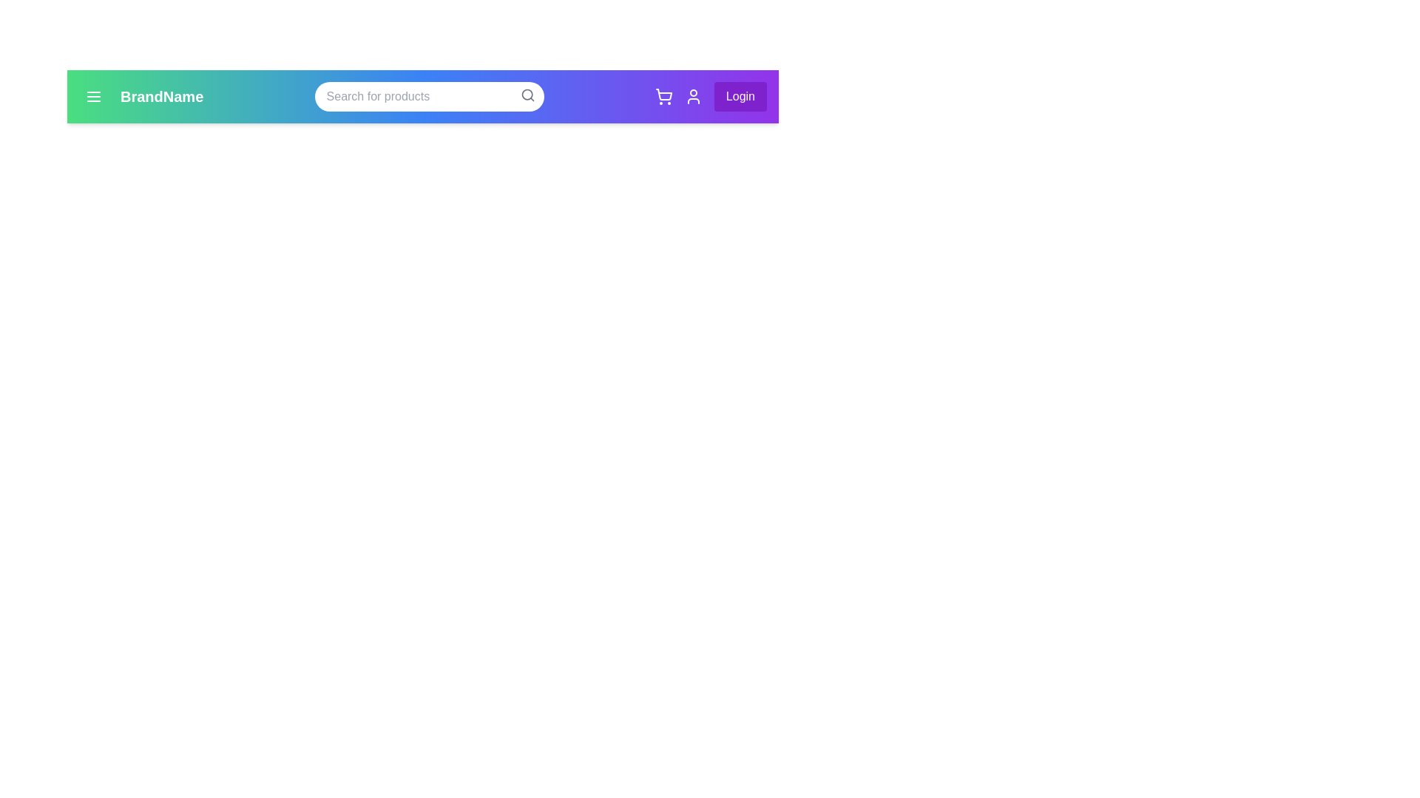 This screenshot has height=798, width=1420. What do you see at coordinates (663, 97) in the screenshot?
I see `the shopping cart icon to open the cart view` at bounding box center [663, 97].